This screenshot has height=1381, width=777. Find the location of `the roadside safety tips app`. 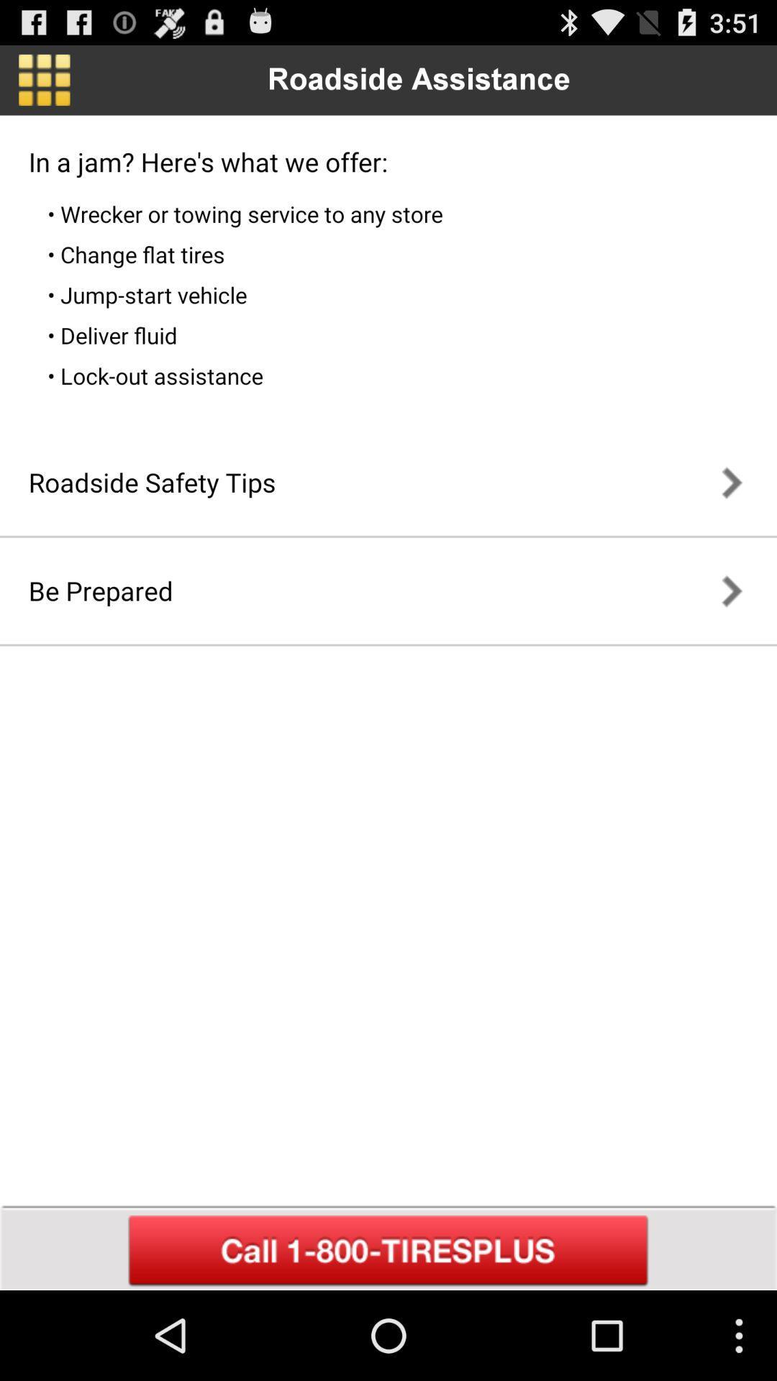

the roadside safety tips app is located at coordinates (152, 482).